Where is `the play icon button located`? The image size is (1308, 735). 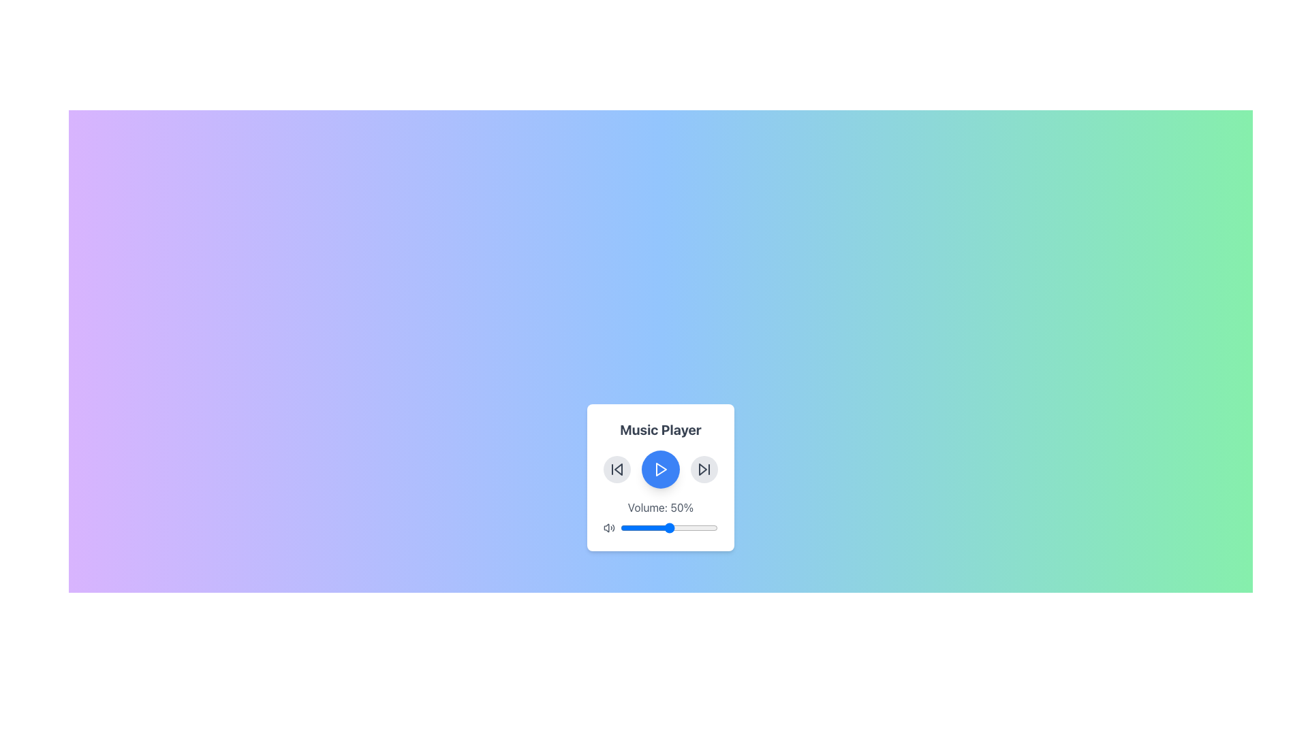
the play icon button located is located at coordinates (661, 469).